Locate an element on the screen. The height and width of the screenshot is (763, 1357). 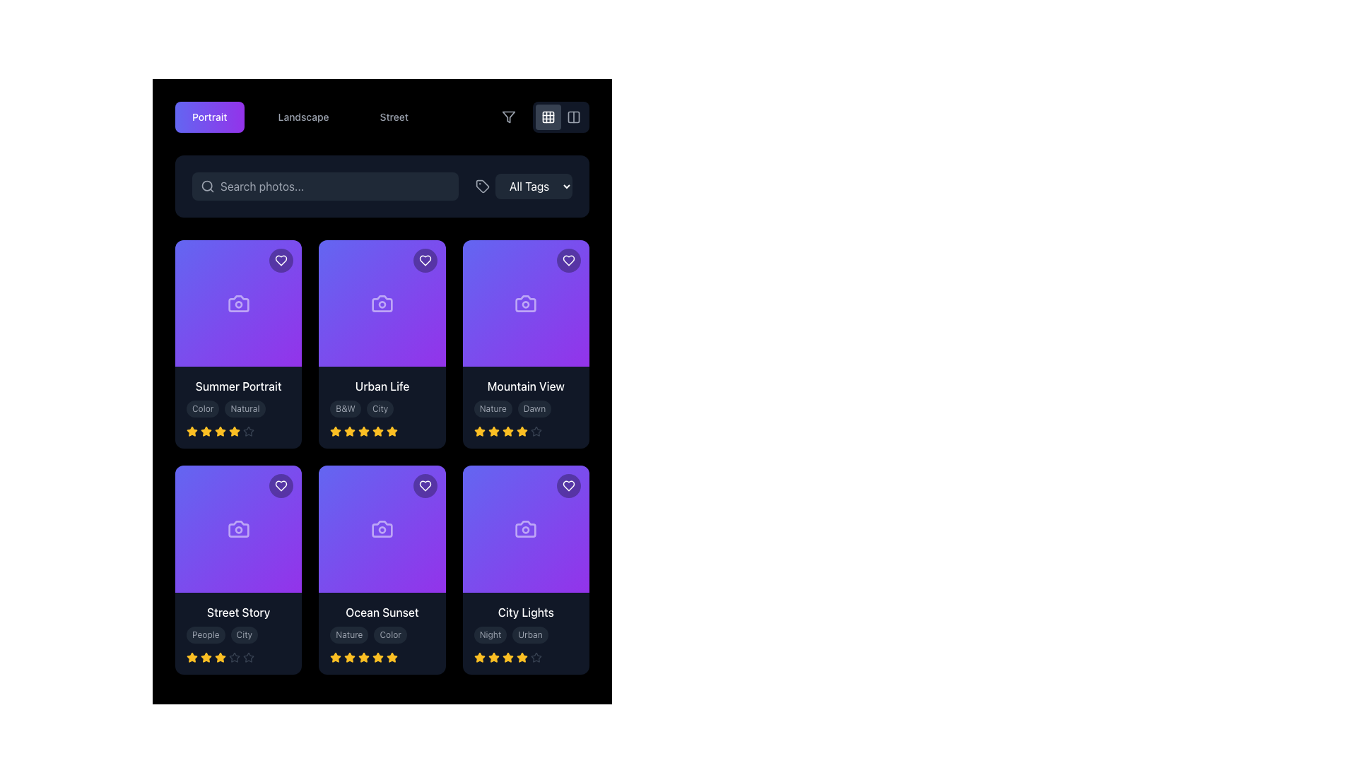
the rating indicator composed of five star icons below the text 'Summer Portrait' to visually associate the rating with the respective item is located at coordinates (238, 431).